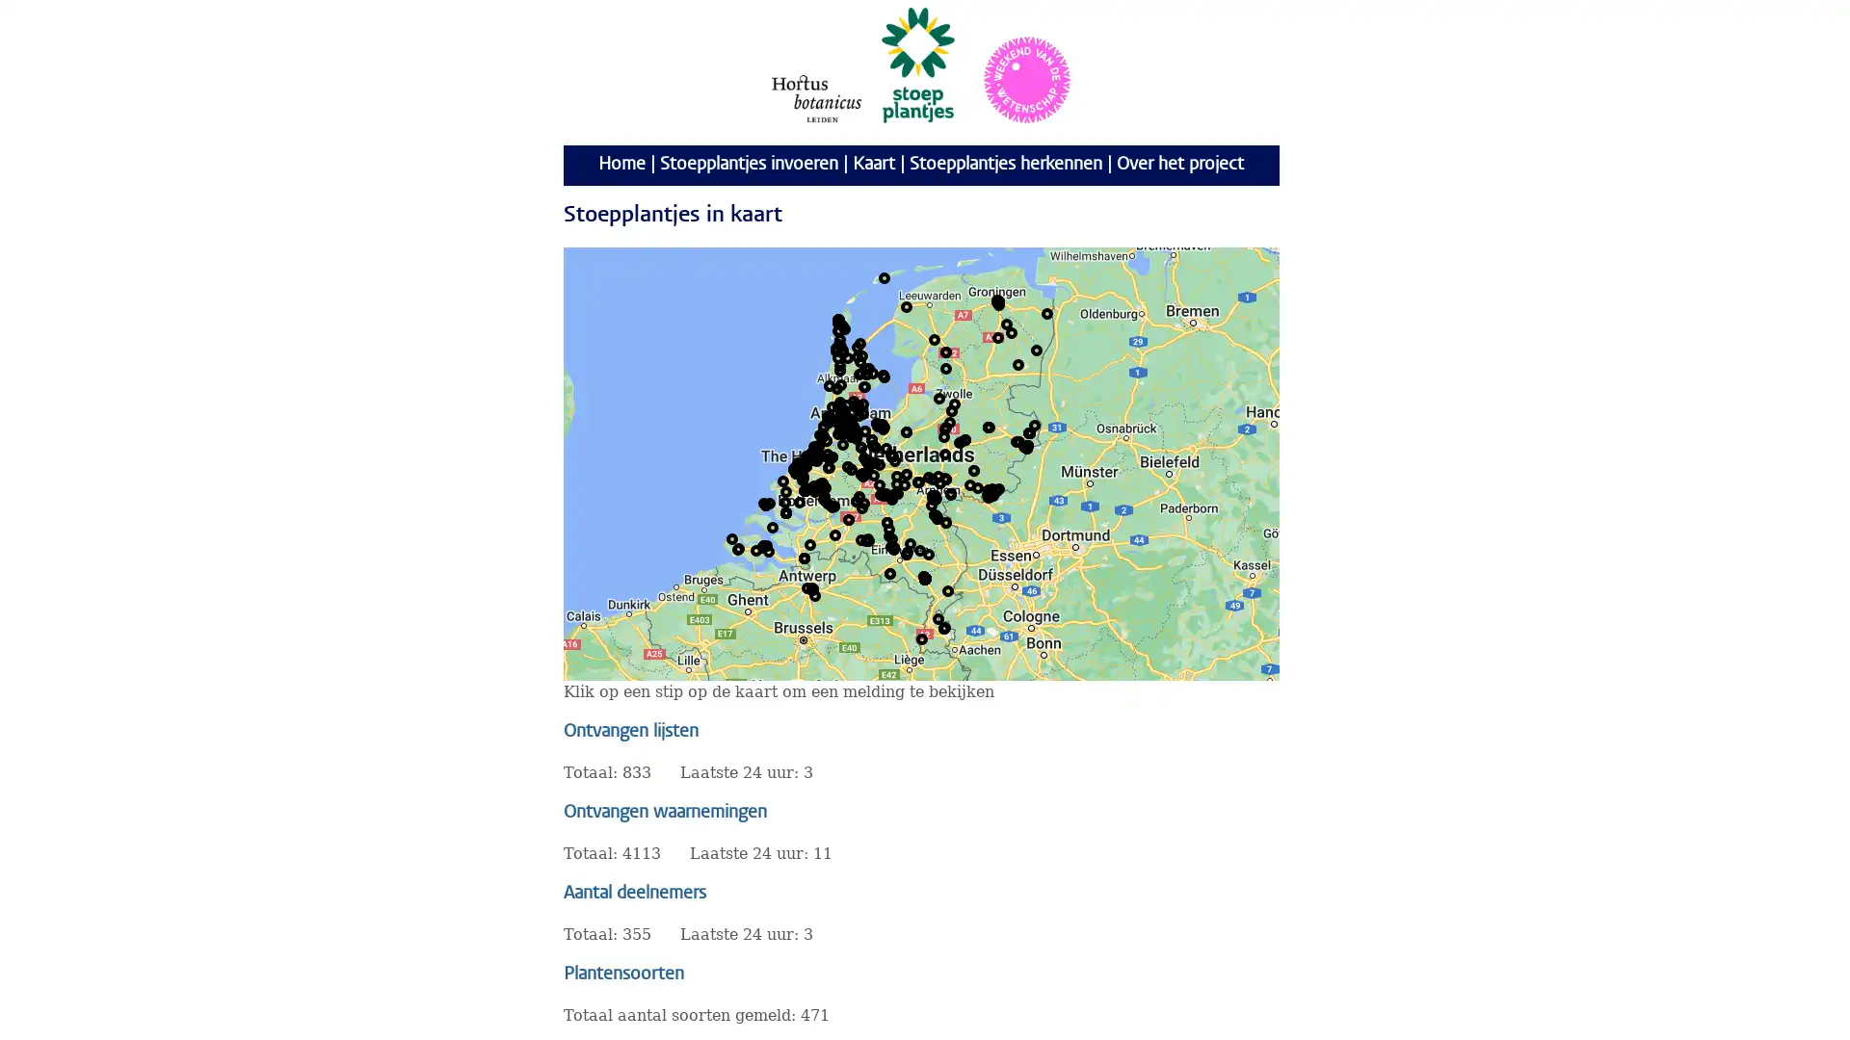 The height and width of the screenshot is (1040, 1850). Describe the element at coordinates (804, 465) in the screenshot. I see `Telling van op 27 april 2022` at that location.